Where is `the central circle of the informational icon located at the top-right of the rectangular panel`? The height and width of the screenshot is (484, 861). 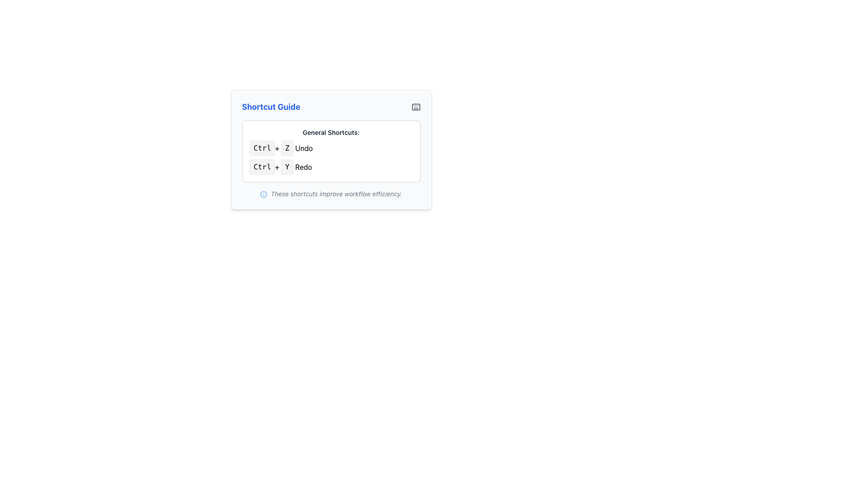 the central circle of the informational icon located at the top-right of the rectangular panel is located at coordinates (263, 194).